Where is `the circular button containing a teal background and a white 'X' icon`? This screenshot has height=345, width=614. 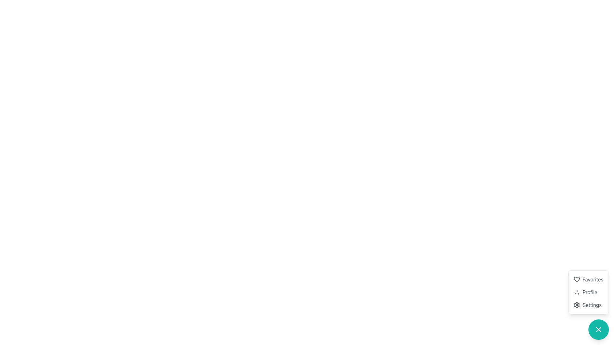
the circular button containing a teal background and a white 'X' icon is located at coordinates (598, 330).